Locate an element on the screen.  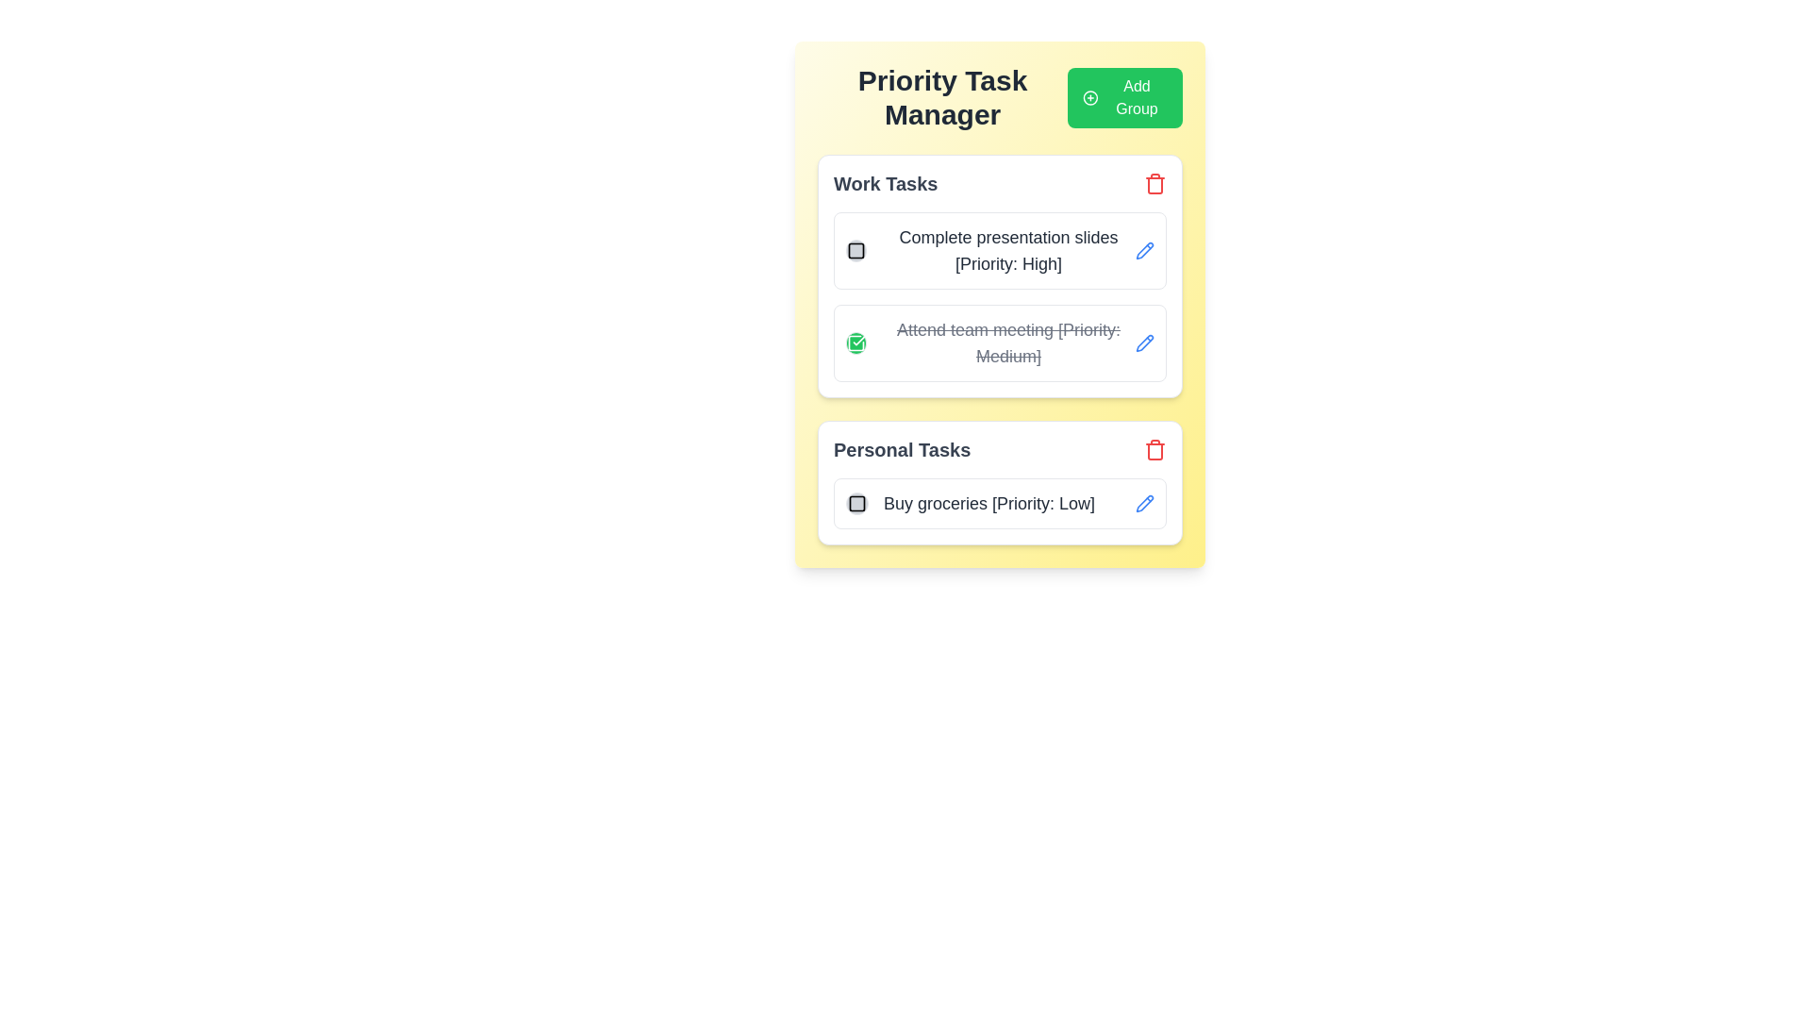
the 'Personal Tasks' section header text label, which is located near the top-left area of the section and aligned with a trash can icon to its right is located at coordinates (901, 450).